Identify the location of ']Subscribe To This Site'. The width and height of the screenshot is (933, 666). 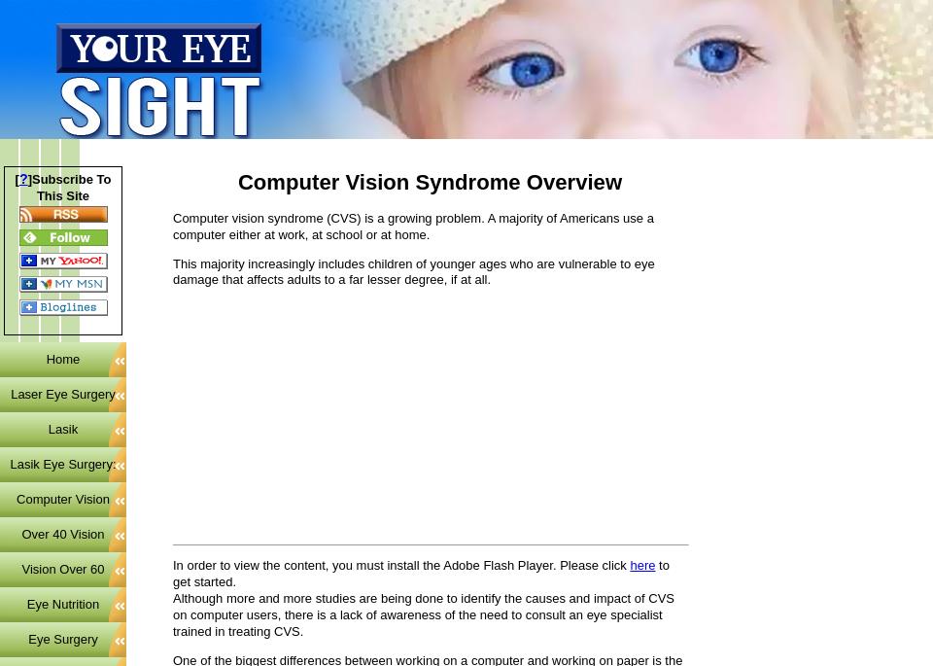
(69, 187).